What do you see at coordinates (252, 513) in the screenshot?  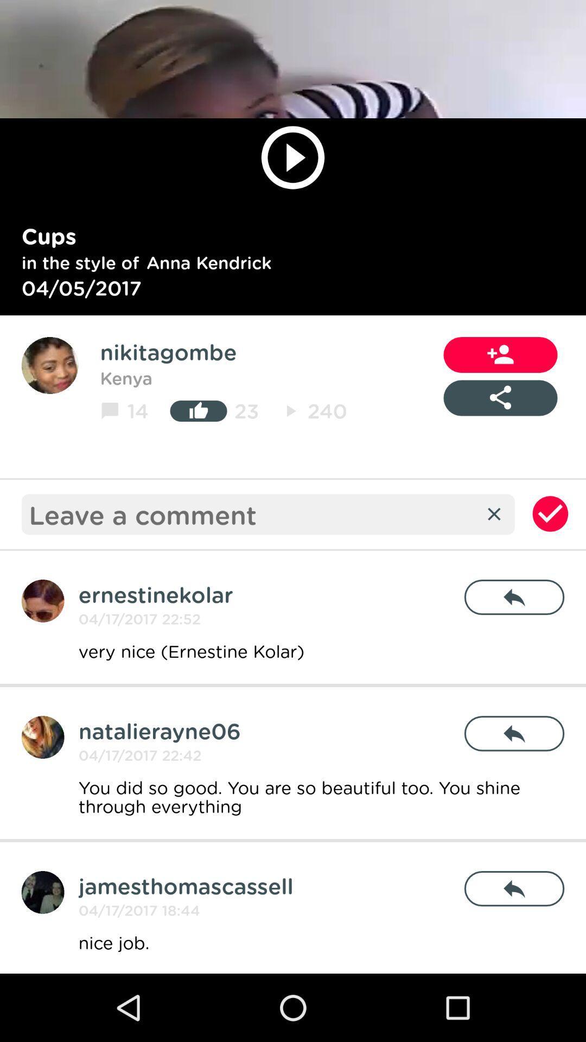 I see `a comment for the video` at bounding box center [252, 513].